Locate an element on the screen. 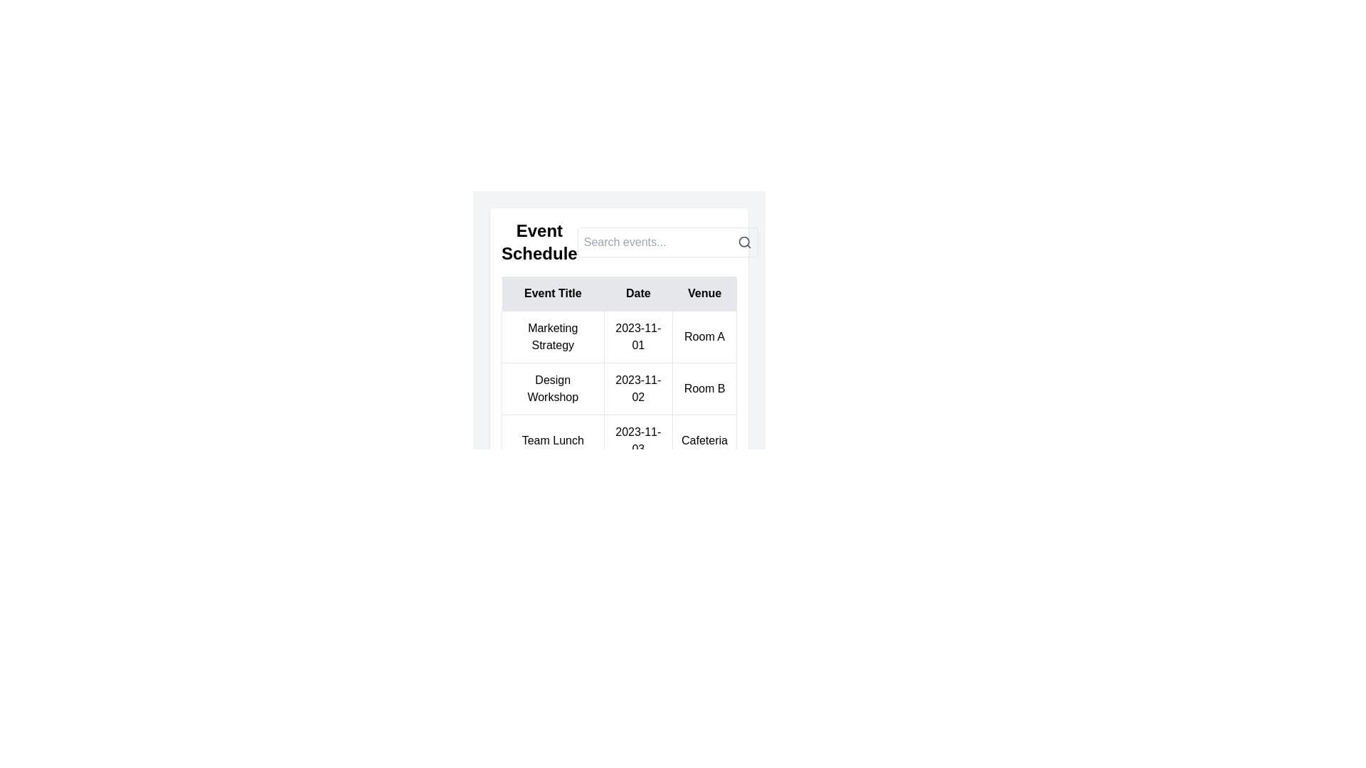 The width and height of the screenshot is (1366, 768). the text content of the second row in the schedule table that displays event details, located under 'Marketing Strategy' and above 'Team Lunch' is located at coordinates (619, 389).